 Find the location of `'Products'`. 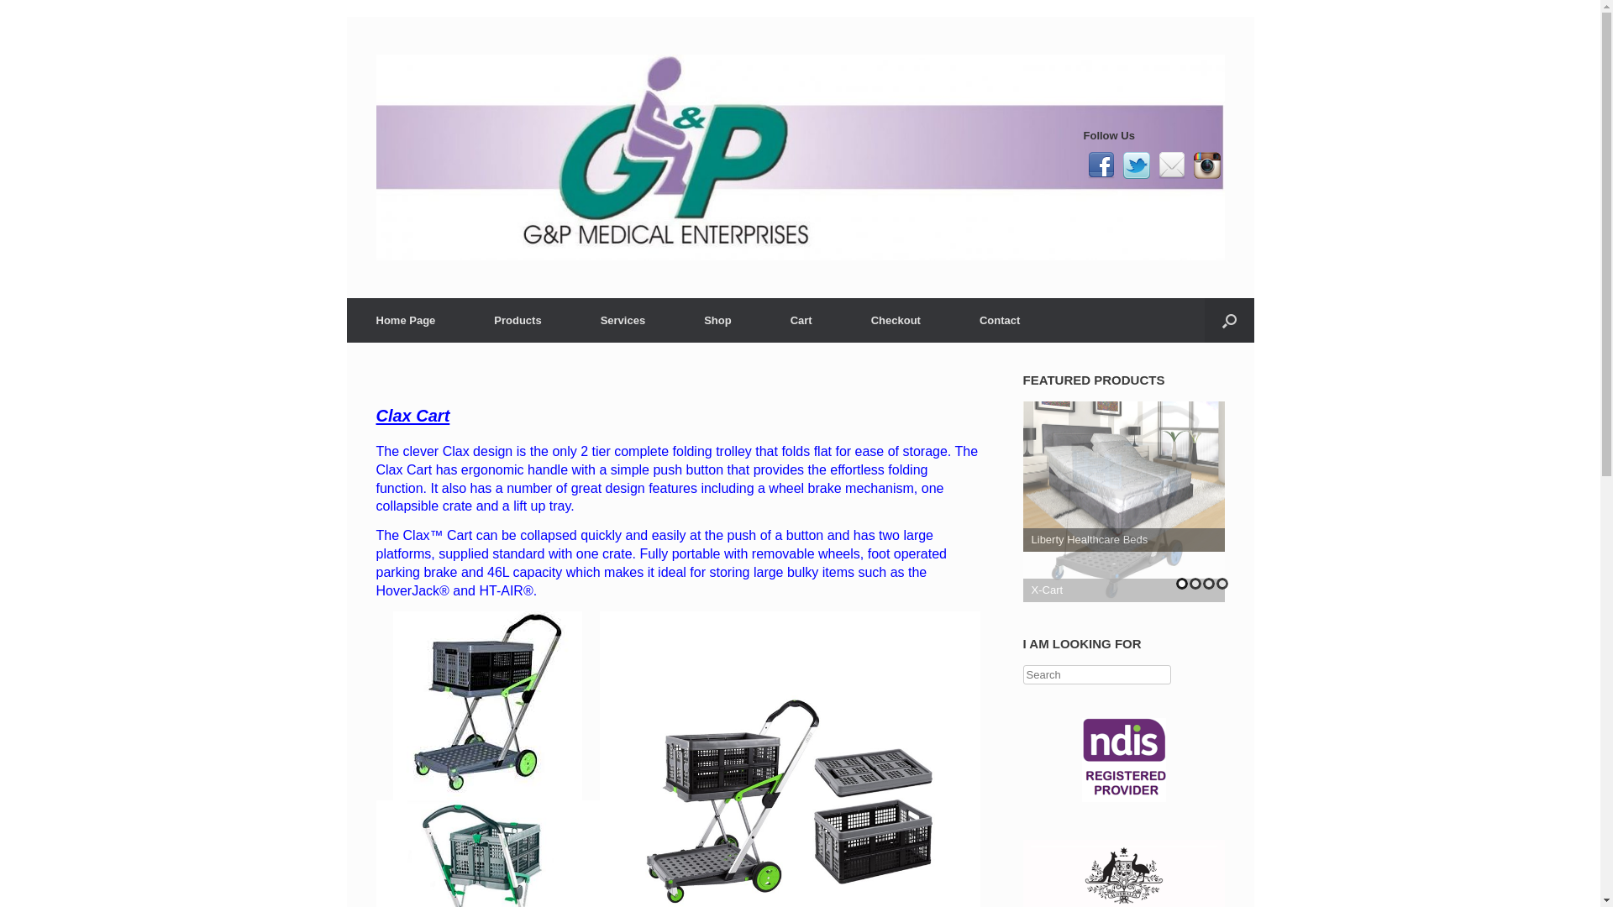

'Products' is located at coordinates (516, 320).